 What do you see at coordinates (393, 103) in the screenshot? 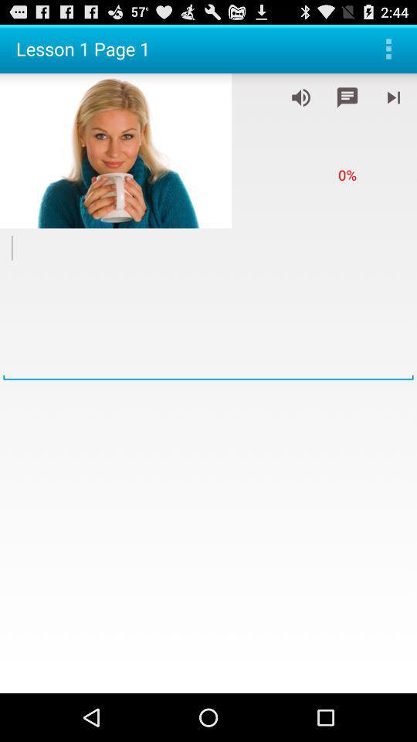
I see `the skip_next icon` at bounding box center [393, 103].